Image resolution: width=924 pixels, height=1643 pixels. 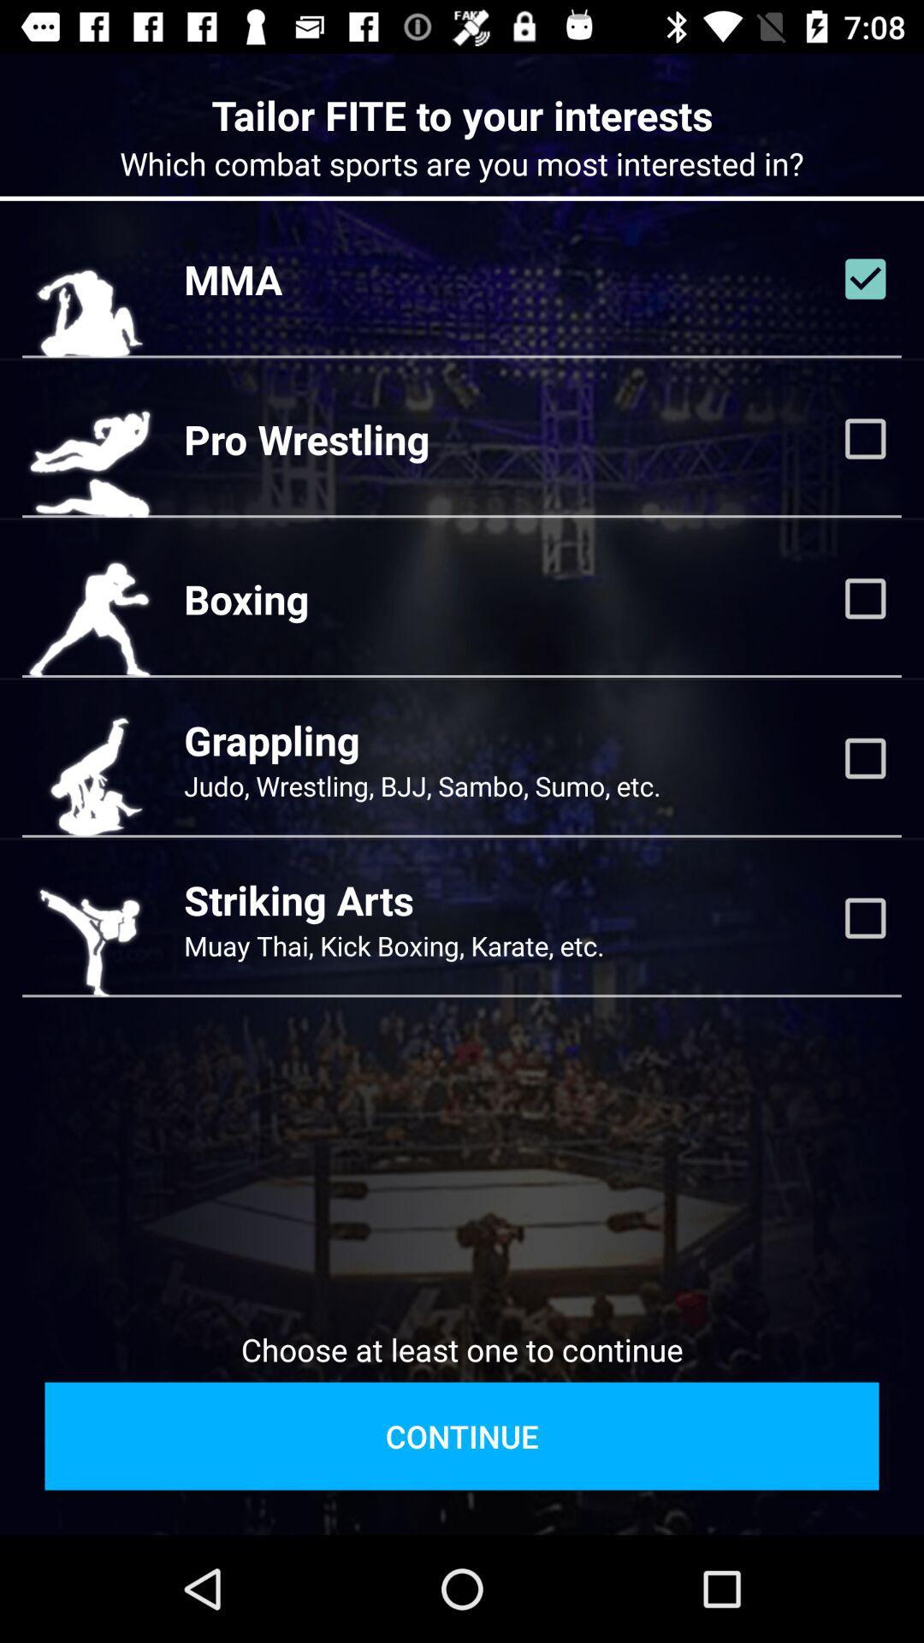 What do you see at coordinates (865, 598) in the screenshot?
I see `check box to select boxing` at bounding box center [865, 598].